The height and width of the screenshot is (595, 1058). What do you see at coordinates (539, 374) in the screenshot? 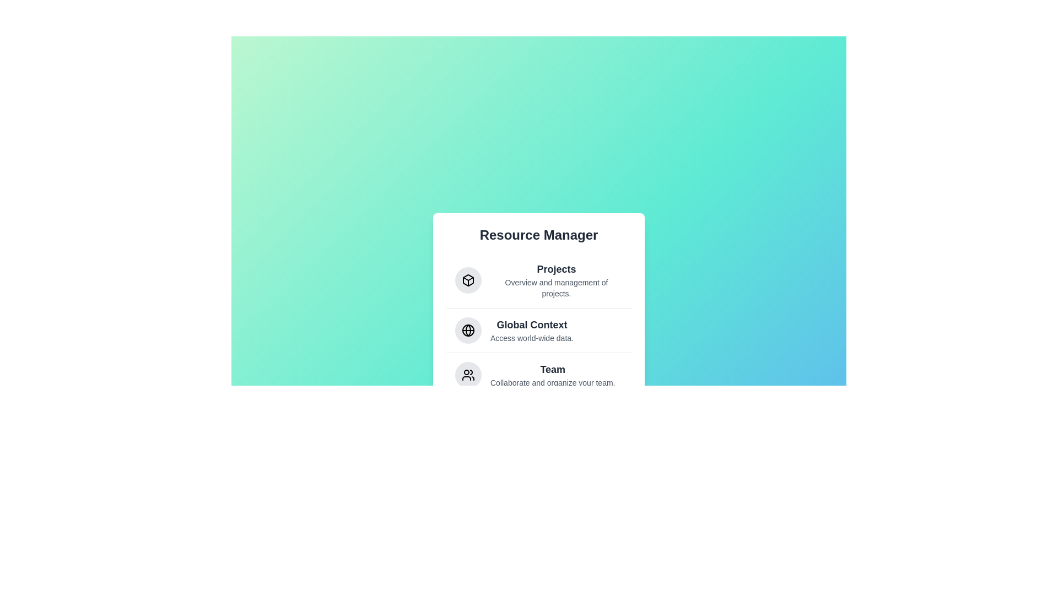
I see `the menu item Team to reveal additional information` at bounding box center [539, 374].